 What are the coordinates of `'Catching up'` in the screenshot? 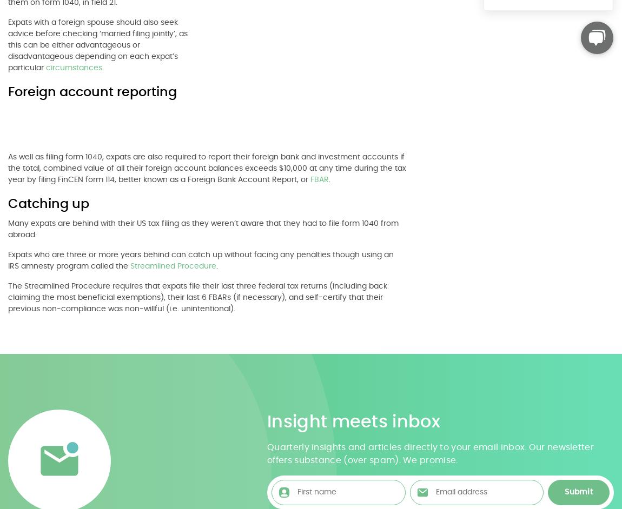 It's located at (48, 204).